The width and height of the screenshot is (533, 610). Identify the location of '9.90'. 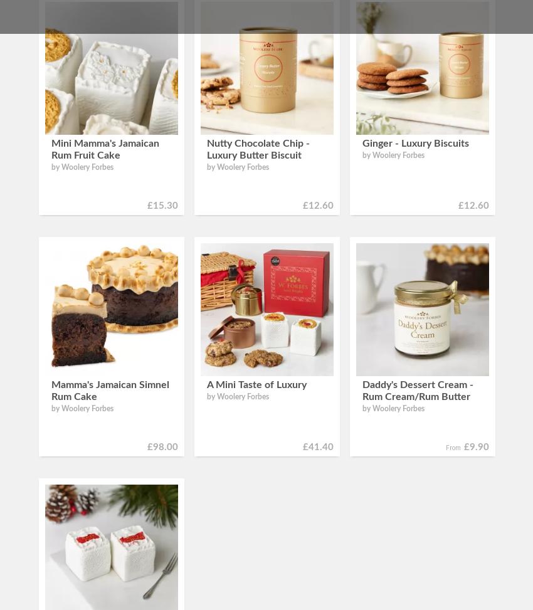
(479, 447).